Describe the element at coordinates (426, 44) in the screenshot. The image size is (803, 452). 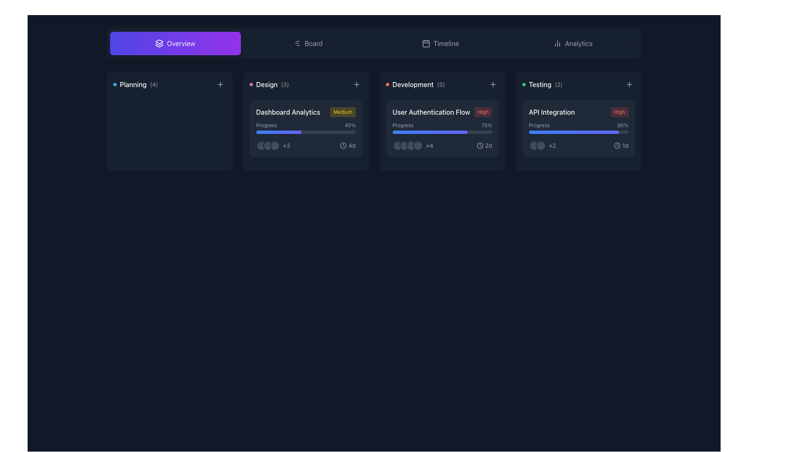
I see `the visual content of the calendar icon located next to the 'Timeline' label in the top navigation bar` at that location.